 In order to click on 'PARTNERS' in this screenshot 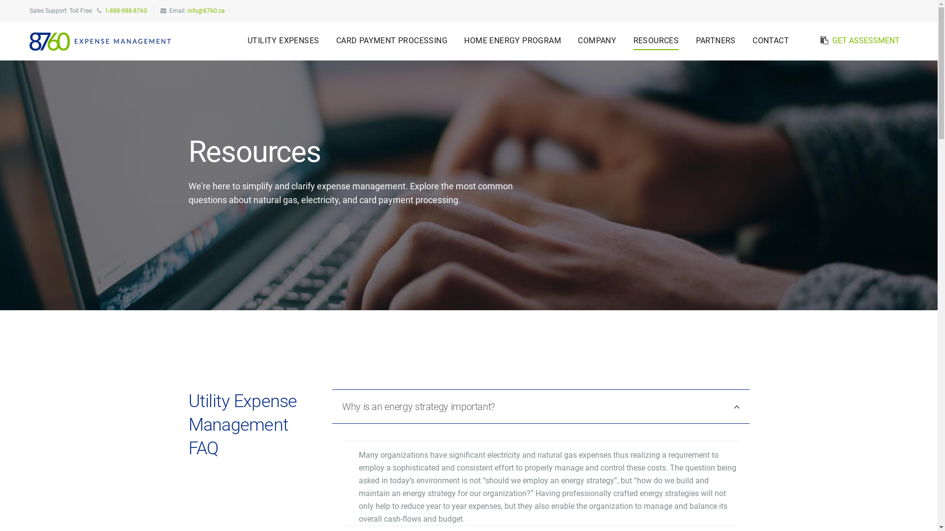, I will do `click(716, 40)`.